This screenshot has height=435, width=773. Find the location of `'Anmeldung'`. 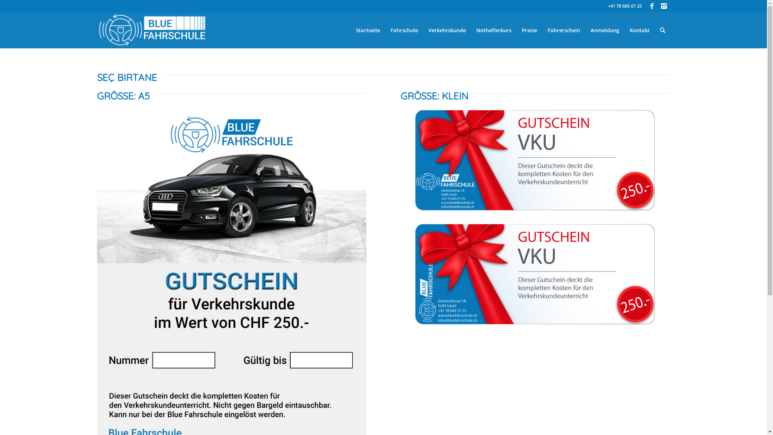

'Anmeldung' is located at coordinates (605, 29).